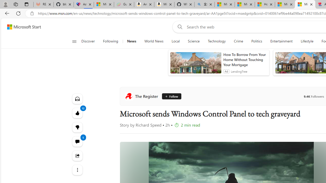 The image size is (326, 183). What do you see at coordinates (171, 96) in the screenshot?
I see `'Follow'` at bounding box center [171, 96].